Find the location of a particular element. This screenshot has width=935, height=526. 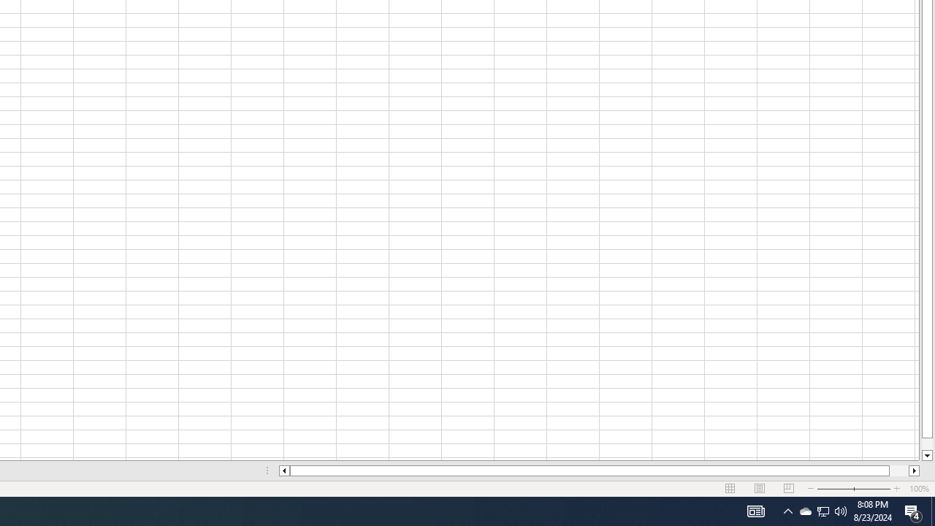

'Zoom' is located at coordinates (853, 489).